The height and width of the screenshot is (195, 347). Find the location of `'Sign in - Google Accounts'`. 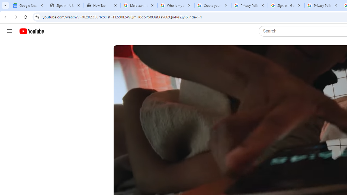

'Sign in - Google Accounts' is located at coordinates (286, 5).